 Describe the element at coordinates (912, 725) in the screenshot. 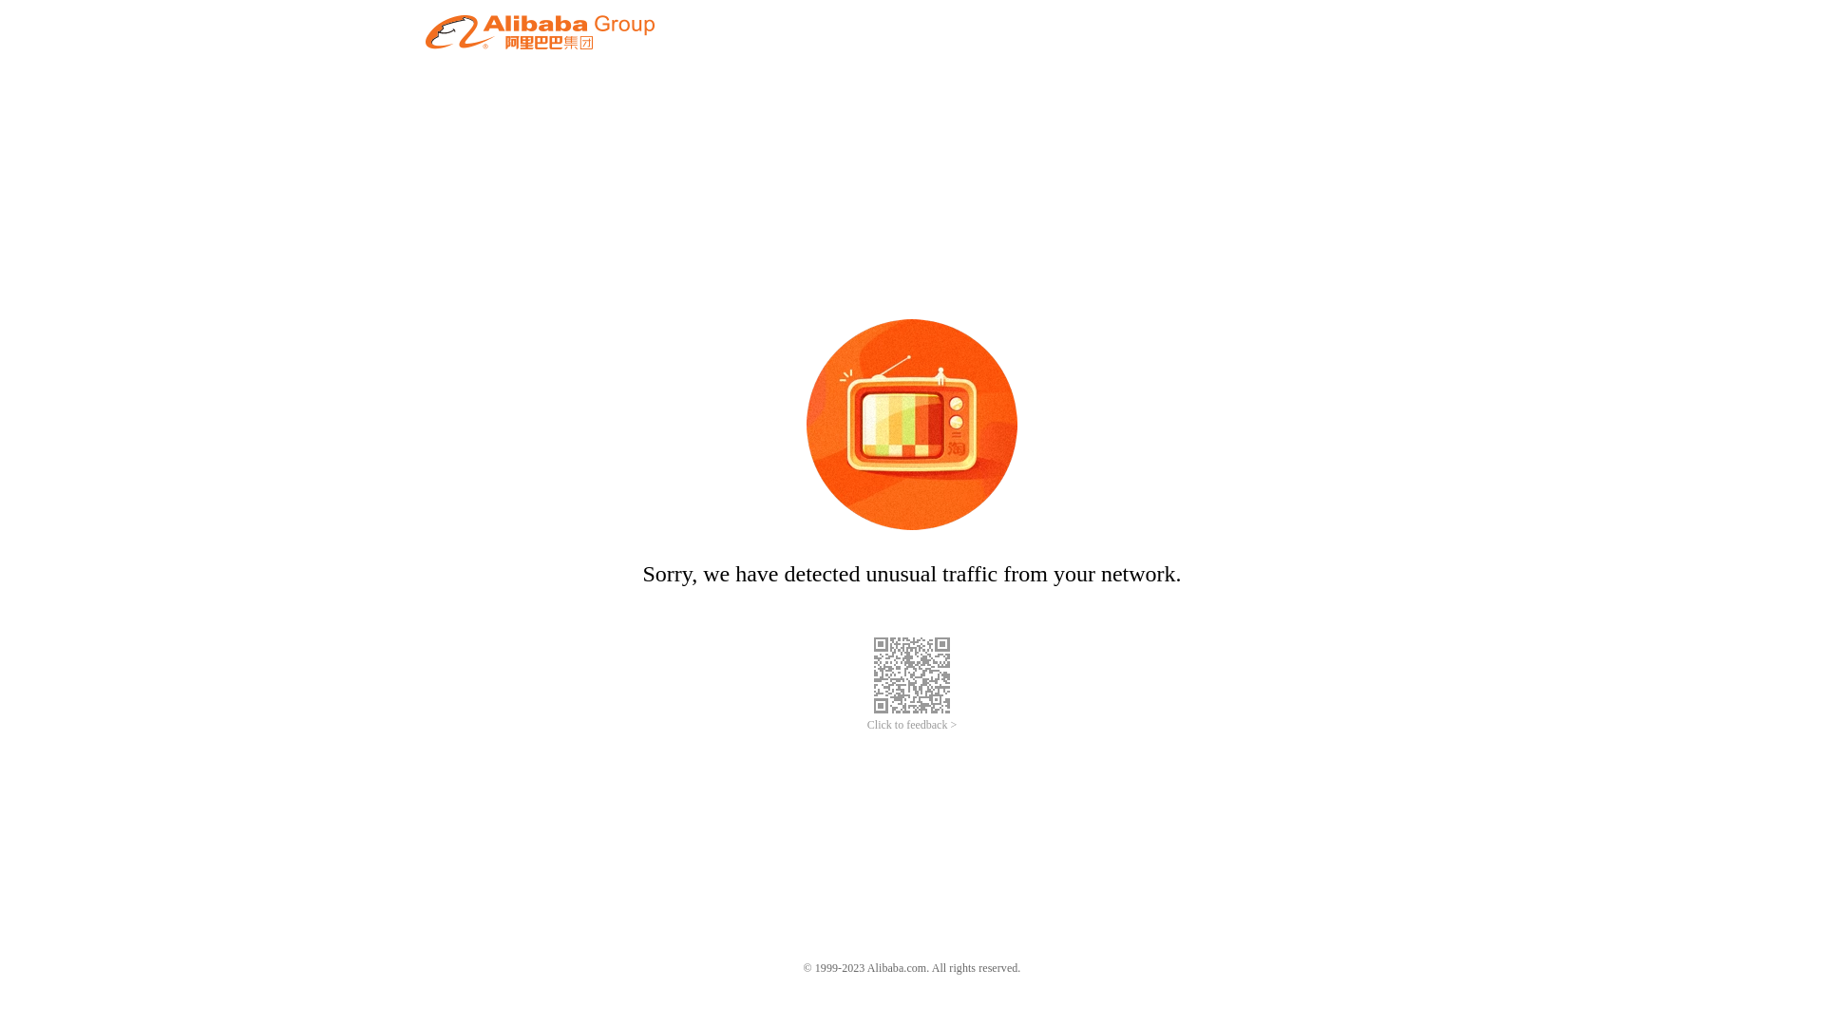

I see `'Click to feedback >'` at that location.